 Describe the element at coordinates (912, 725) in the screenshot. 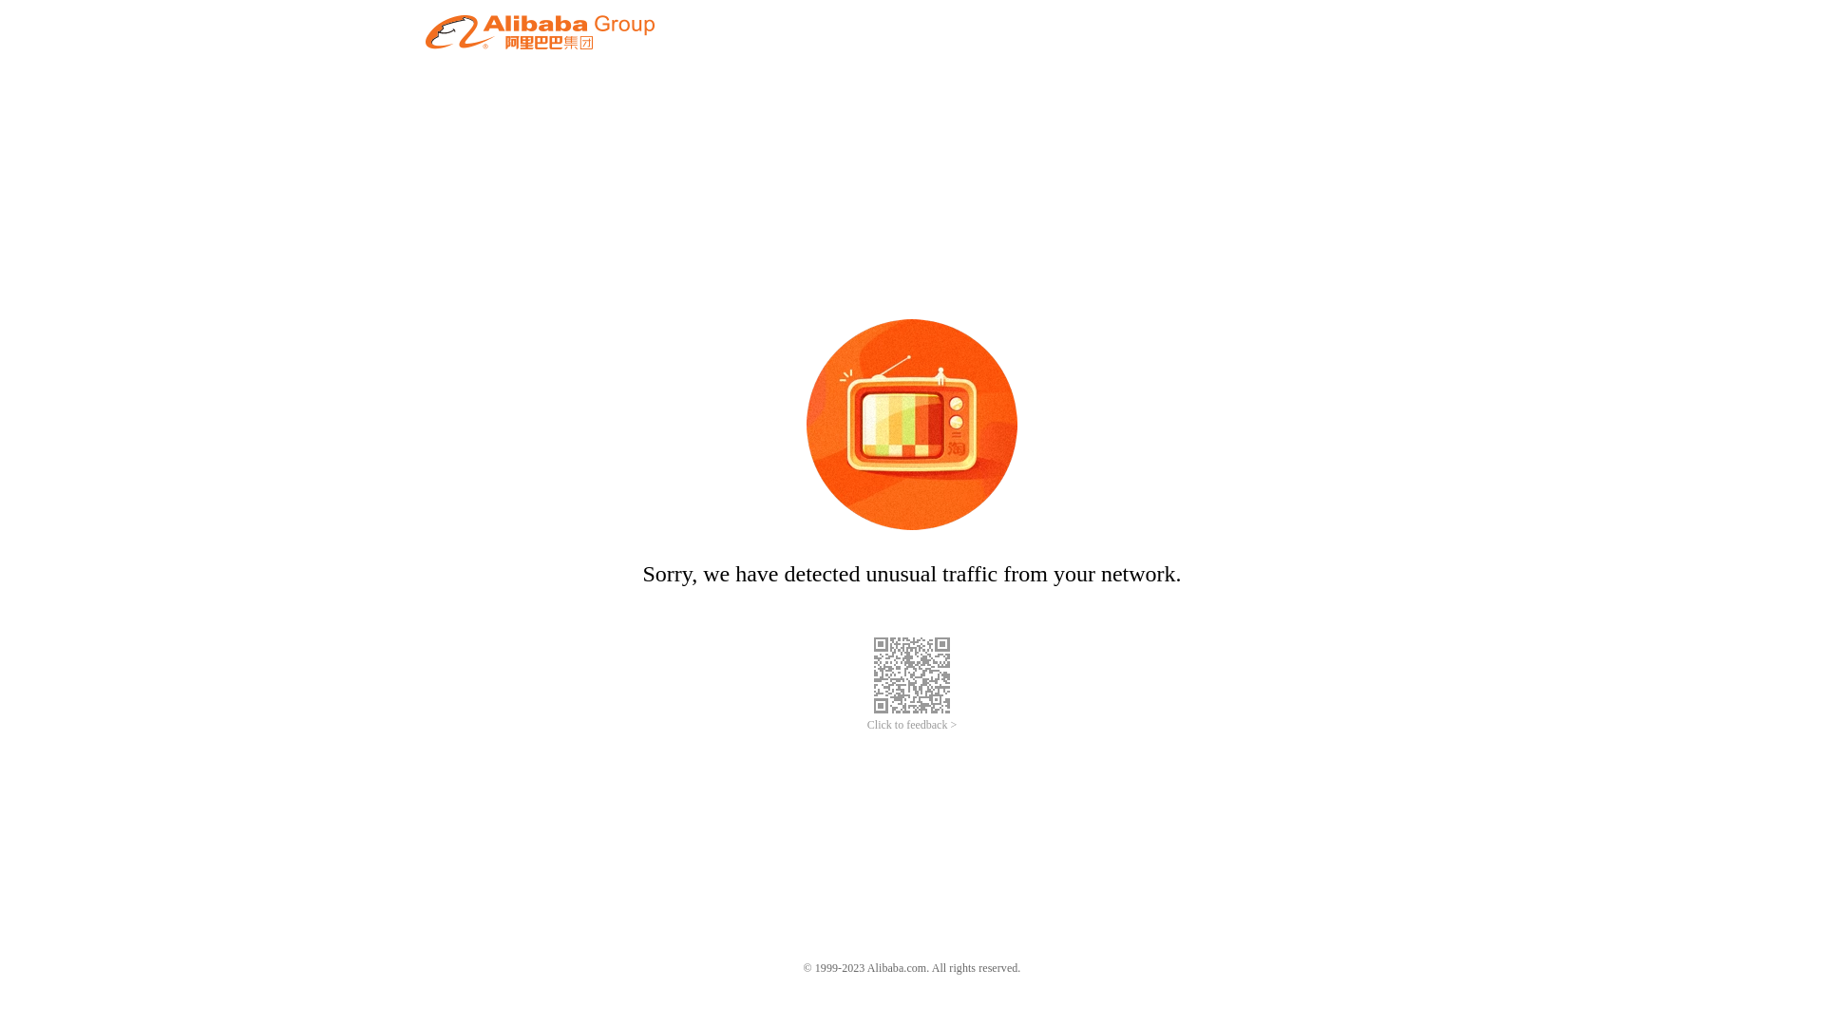

I see `'Click to feedback >'` at that location.